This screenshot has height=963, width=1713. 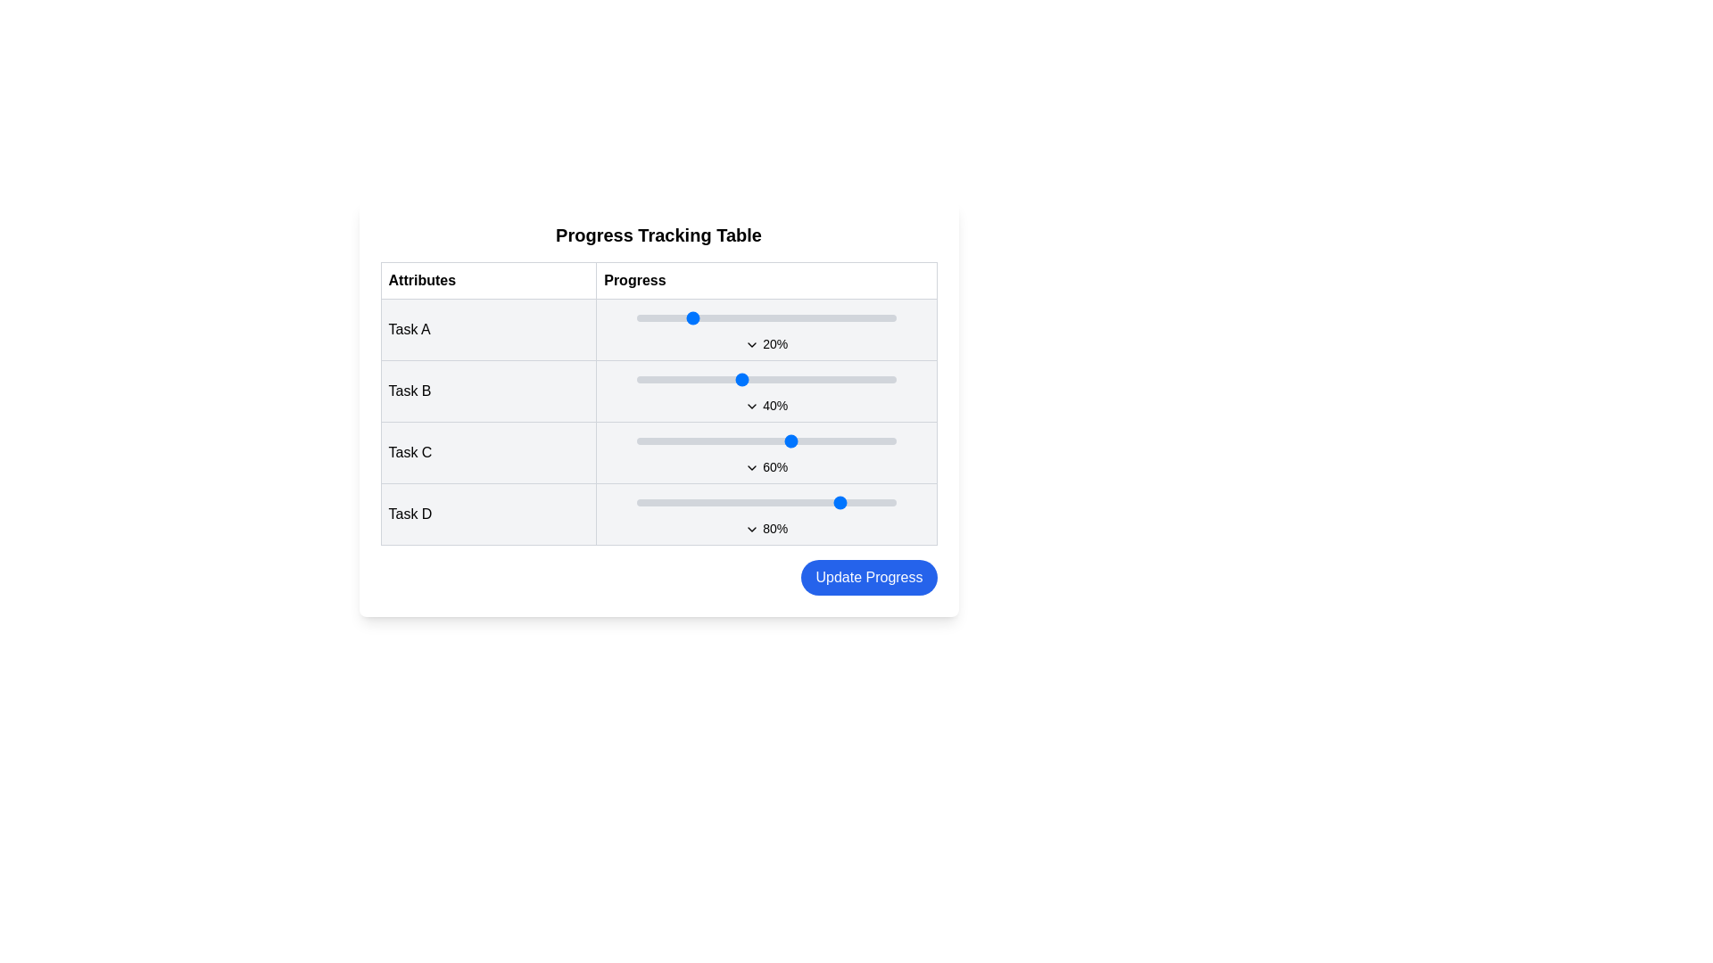 I want to click on the dropdown icon in the third row of the 'Progress Tracking Table', so click(x=752, y=467).